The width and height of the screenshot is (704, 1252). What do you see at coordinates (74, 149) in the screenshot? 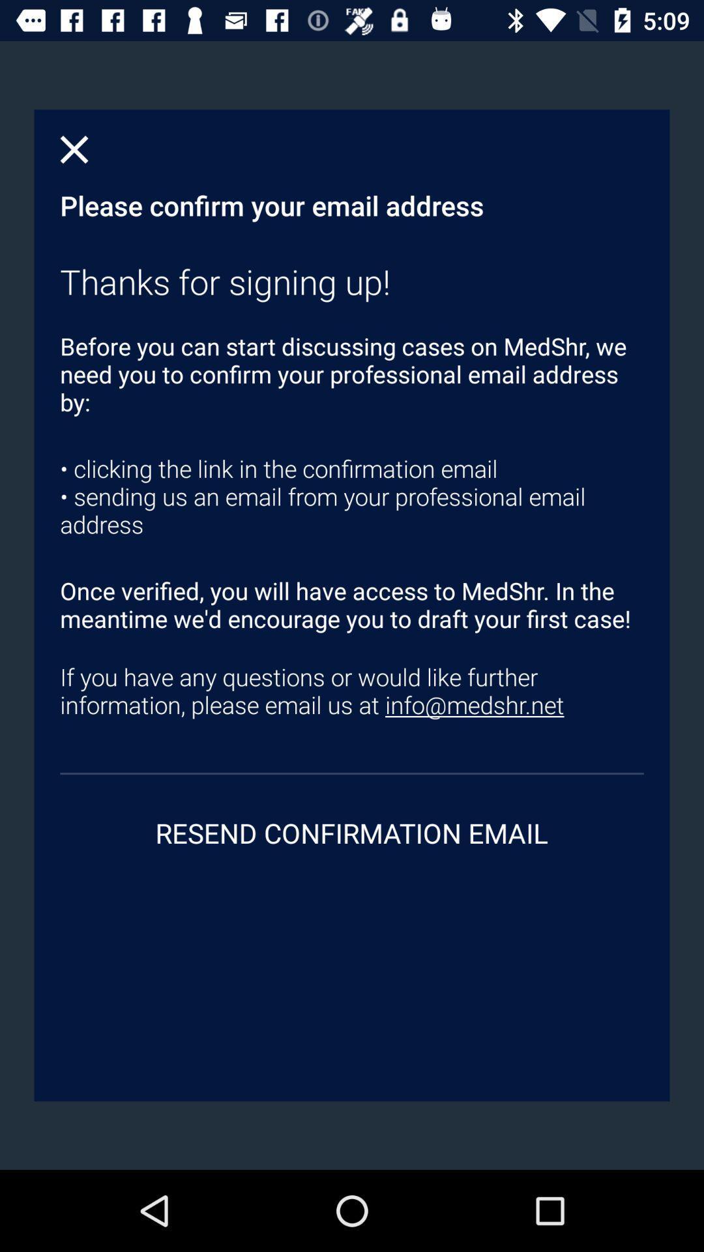
I see `icon at the top left corner` at bounding box center [74, 149].